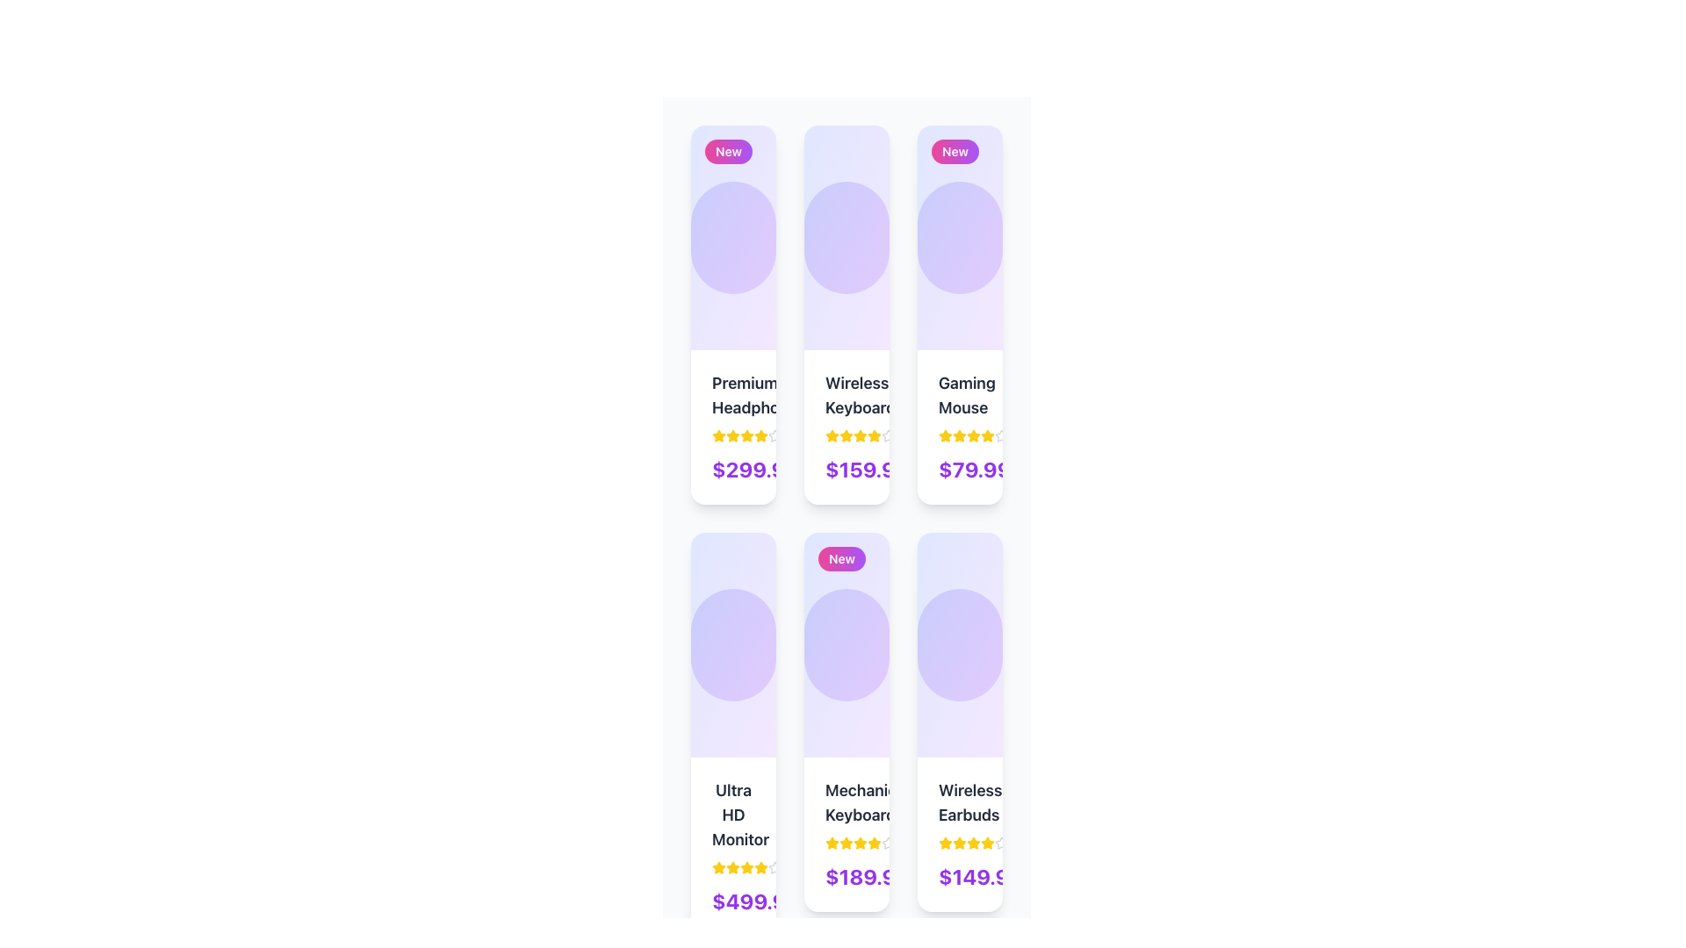  Describe the element at coordinates (959, 645) in the screenshot. I see `the circular gradient design element with indigo to purple hues located in the fifth card of a vertical grid of product cards` at that location.